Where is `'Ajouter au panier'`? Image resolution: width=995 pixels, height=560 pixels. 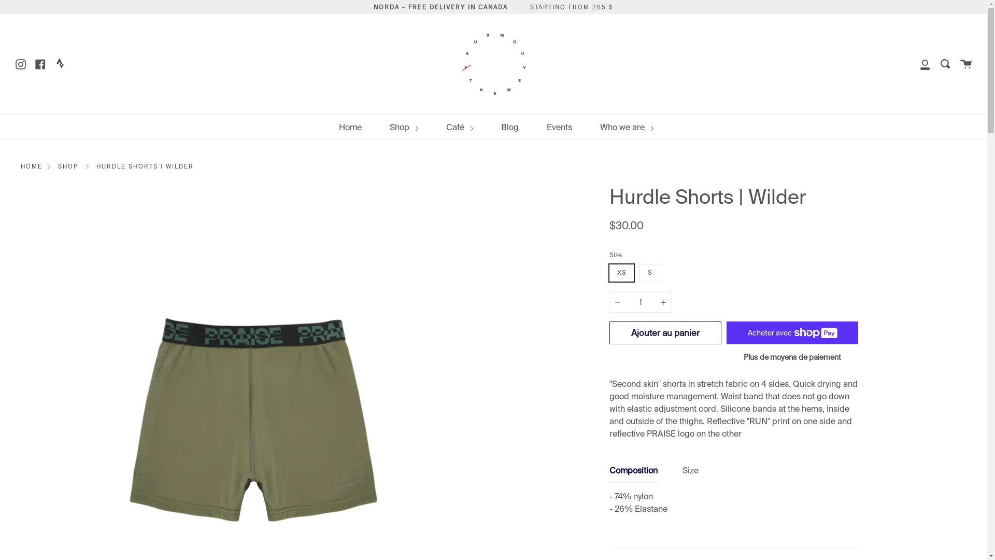 'Ajouter au panier' is located at coordinates (665, 332).